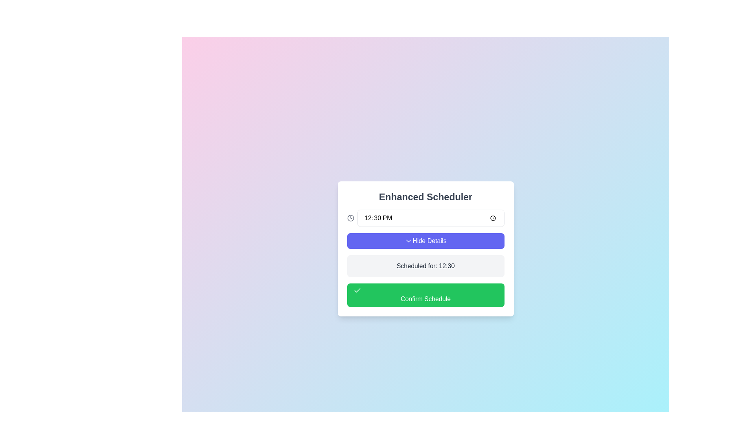 Image resolution: width=755 pixels, height=424 pixels. What do you see at coordinates (357, 290) in the screenshot?
I see `the green button labeled 'Confirm Schedule'` at bounding box center [357, 290].